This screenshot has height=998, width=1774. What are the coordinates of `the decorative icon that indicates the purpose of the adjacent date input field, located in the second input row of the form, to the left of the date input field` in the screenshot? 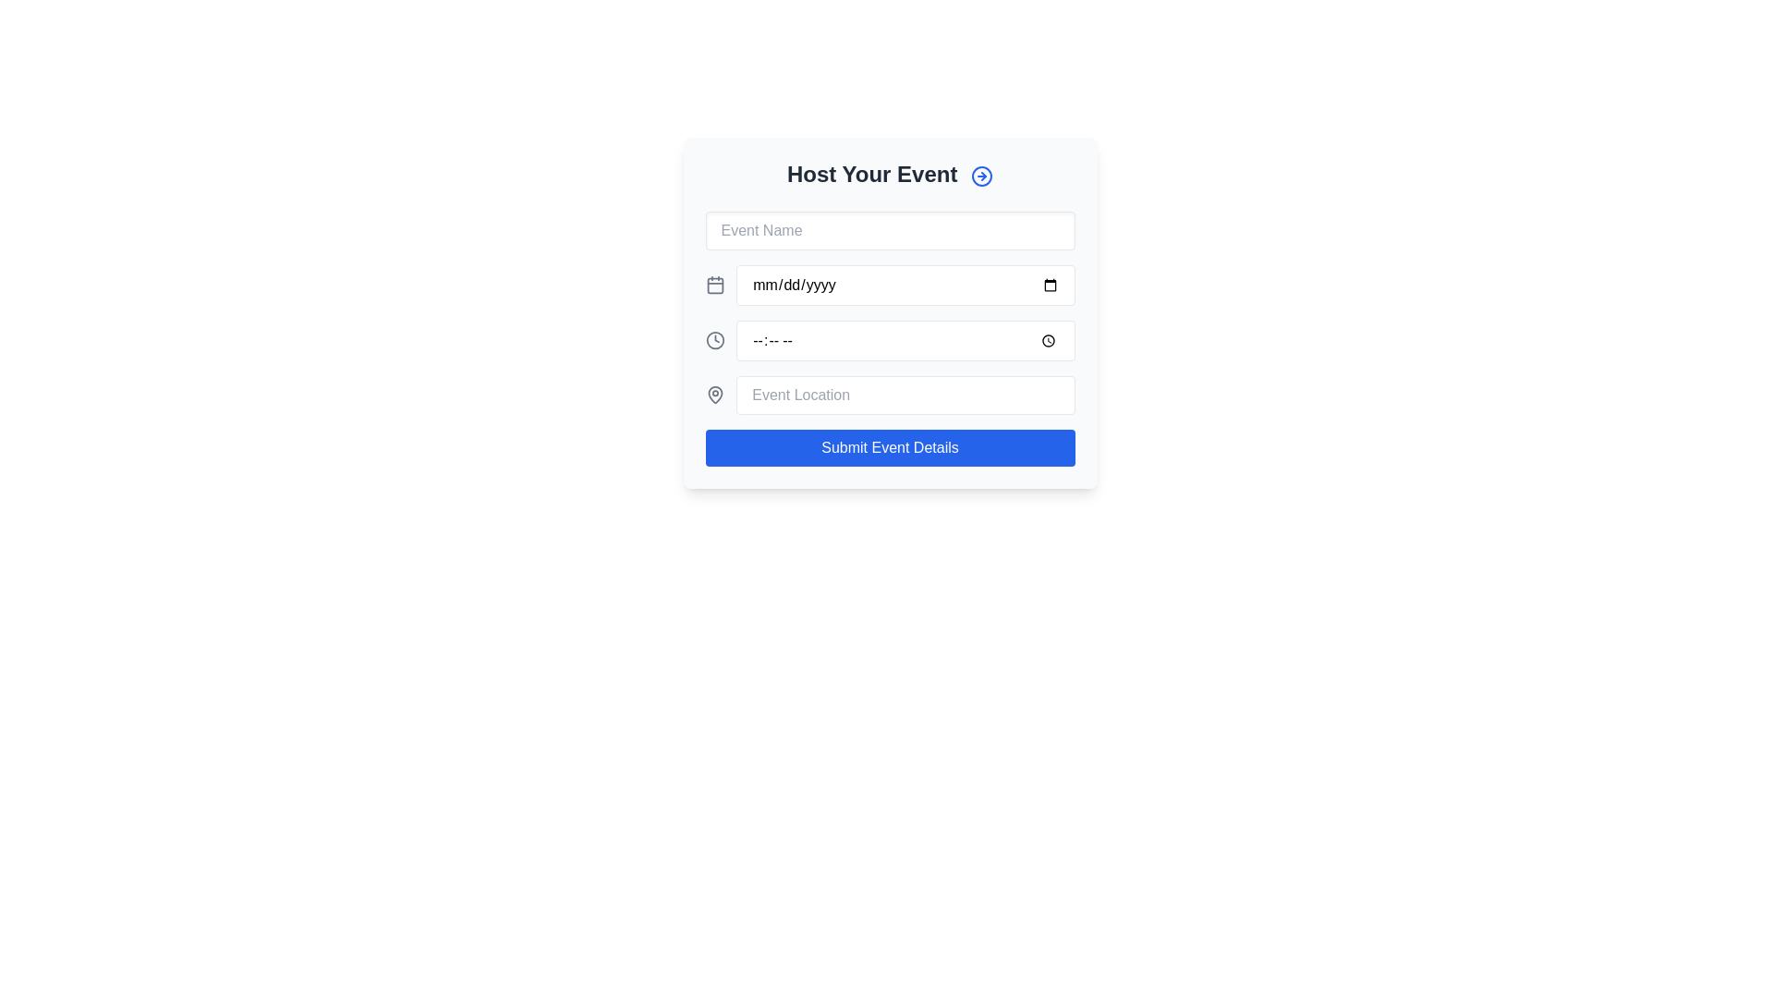 It's located at (714, 285).